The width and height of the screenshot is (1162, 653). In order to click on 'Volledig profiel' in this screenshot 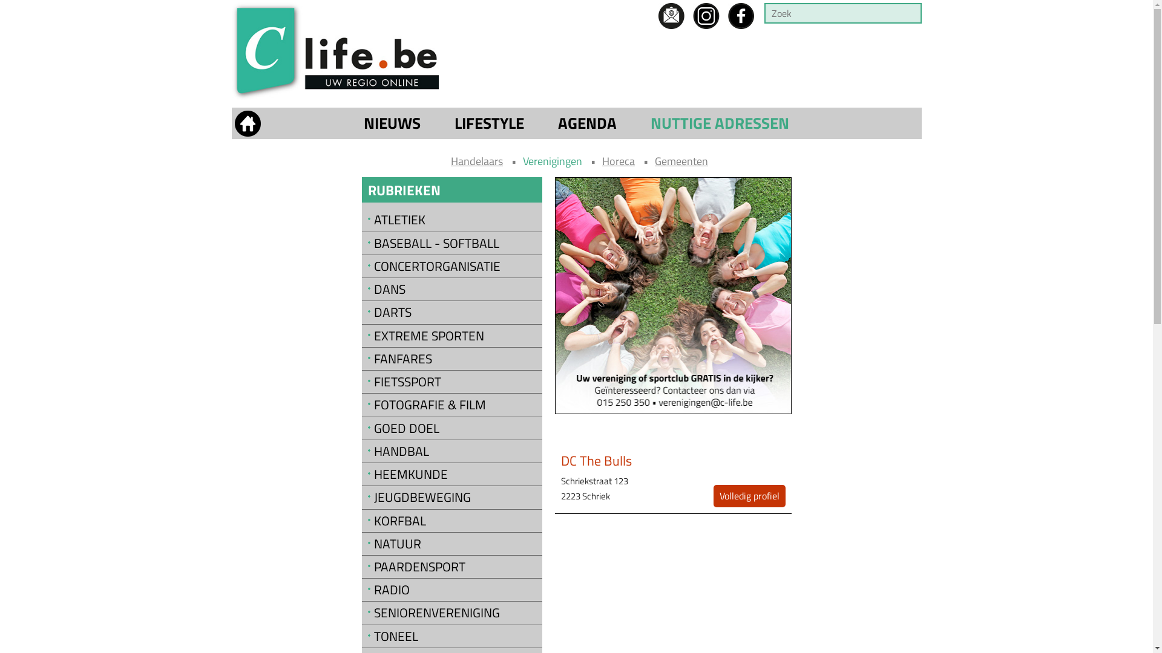, I will do `click(748, 496)`.